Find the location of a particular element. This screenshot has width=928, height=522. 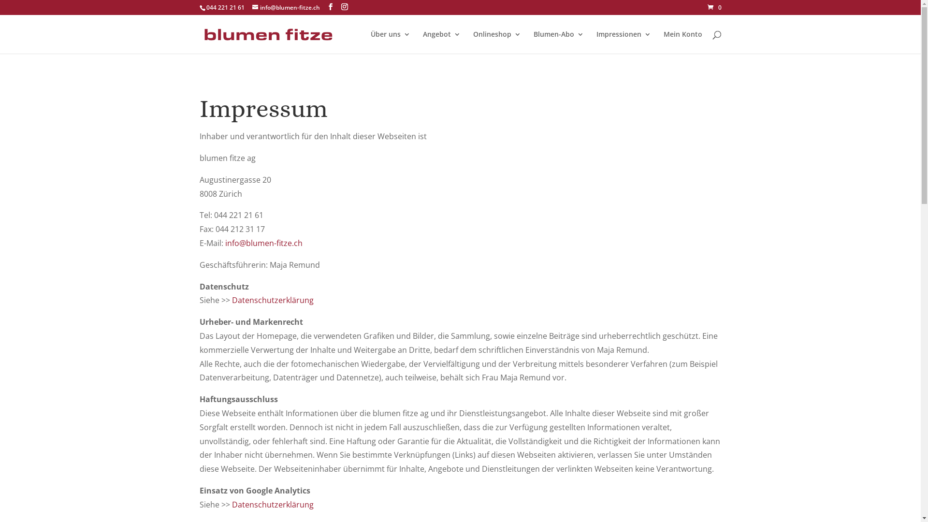

'Angebot' is located at coordinates (440, 42).